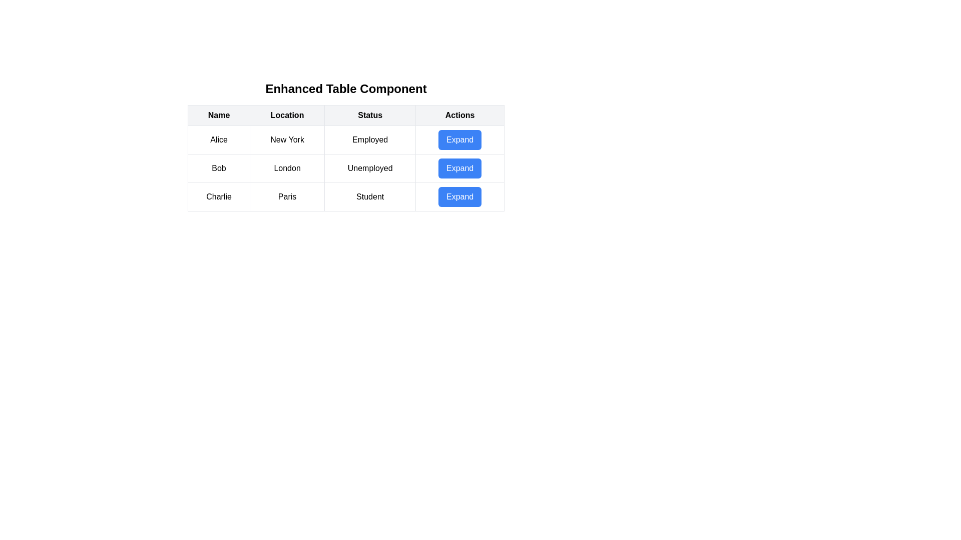  I want to click on the button in the last column of the first row of the table under the 'Actions' column, so click(459, 140).